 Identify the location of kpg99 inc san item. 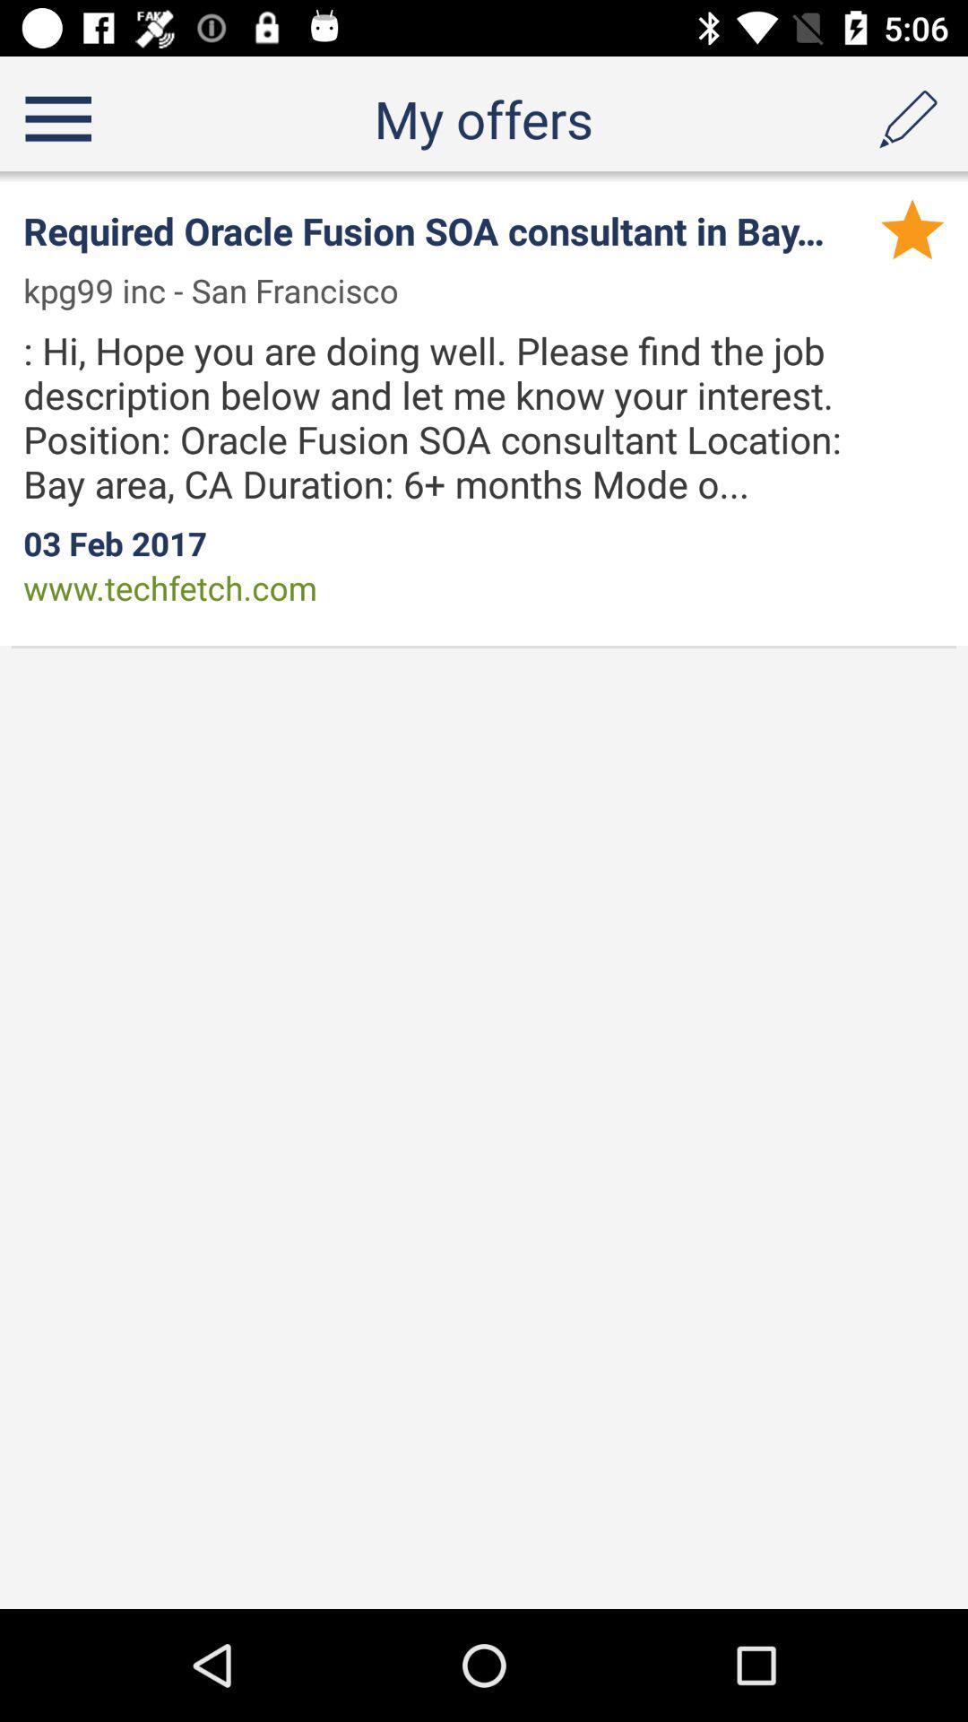
(221, 291).